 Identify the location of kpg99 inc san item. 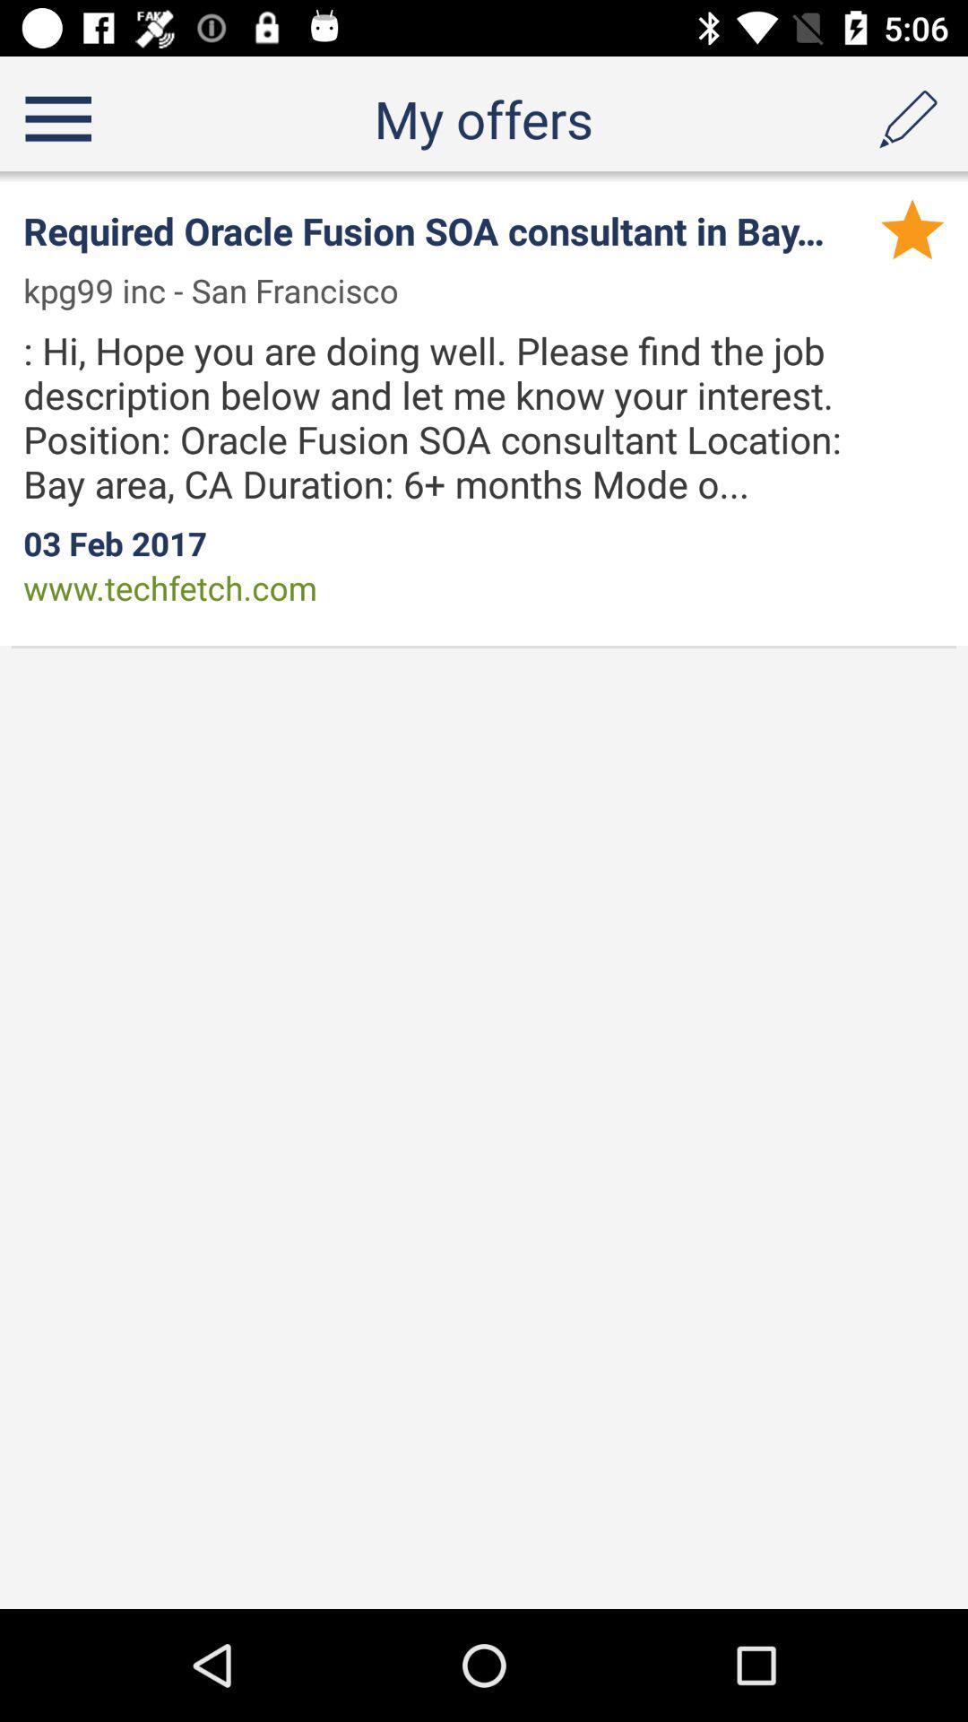
(221, 291).